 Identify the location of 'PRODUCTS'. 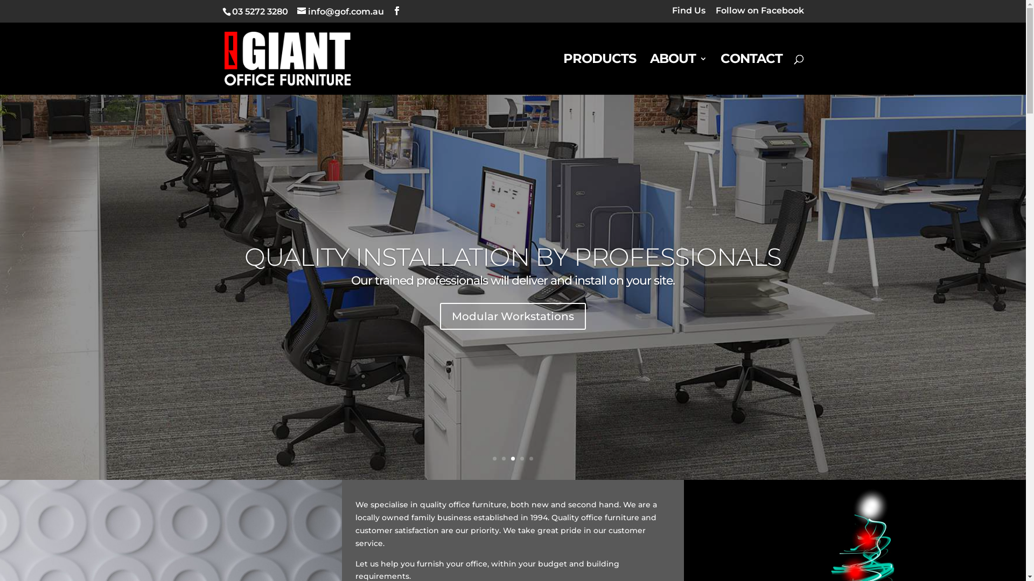
(599, 74).